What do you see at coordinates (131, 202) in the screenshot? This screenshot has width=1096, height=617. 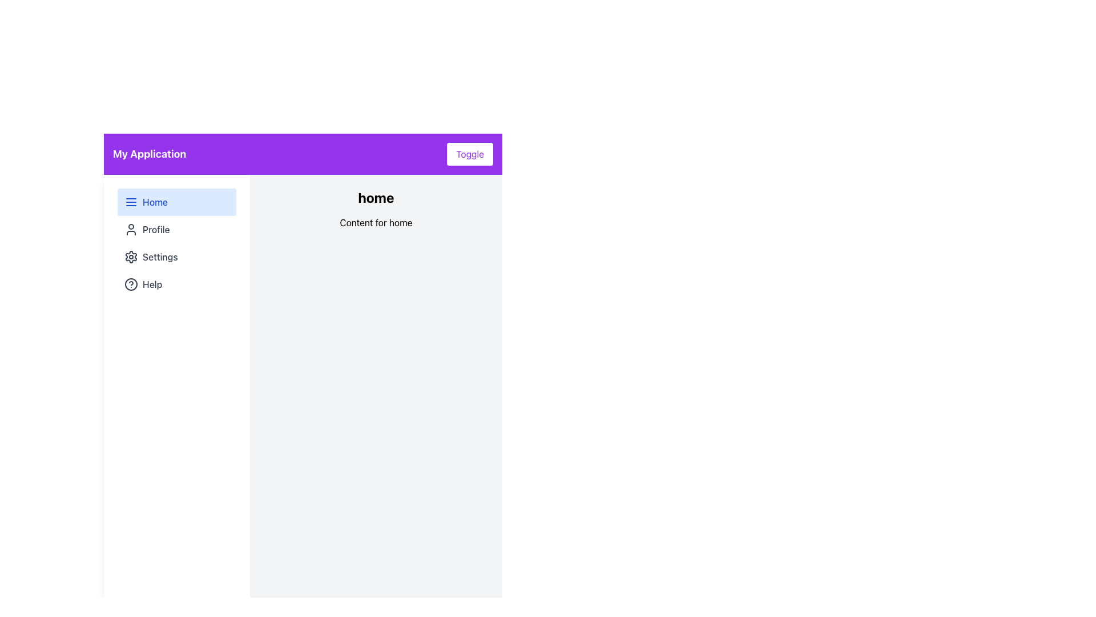 I see `the 'Home' icon in the left navigation menu` at bounding box center [131, 202].